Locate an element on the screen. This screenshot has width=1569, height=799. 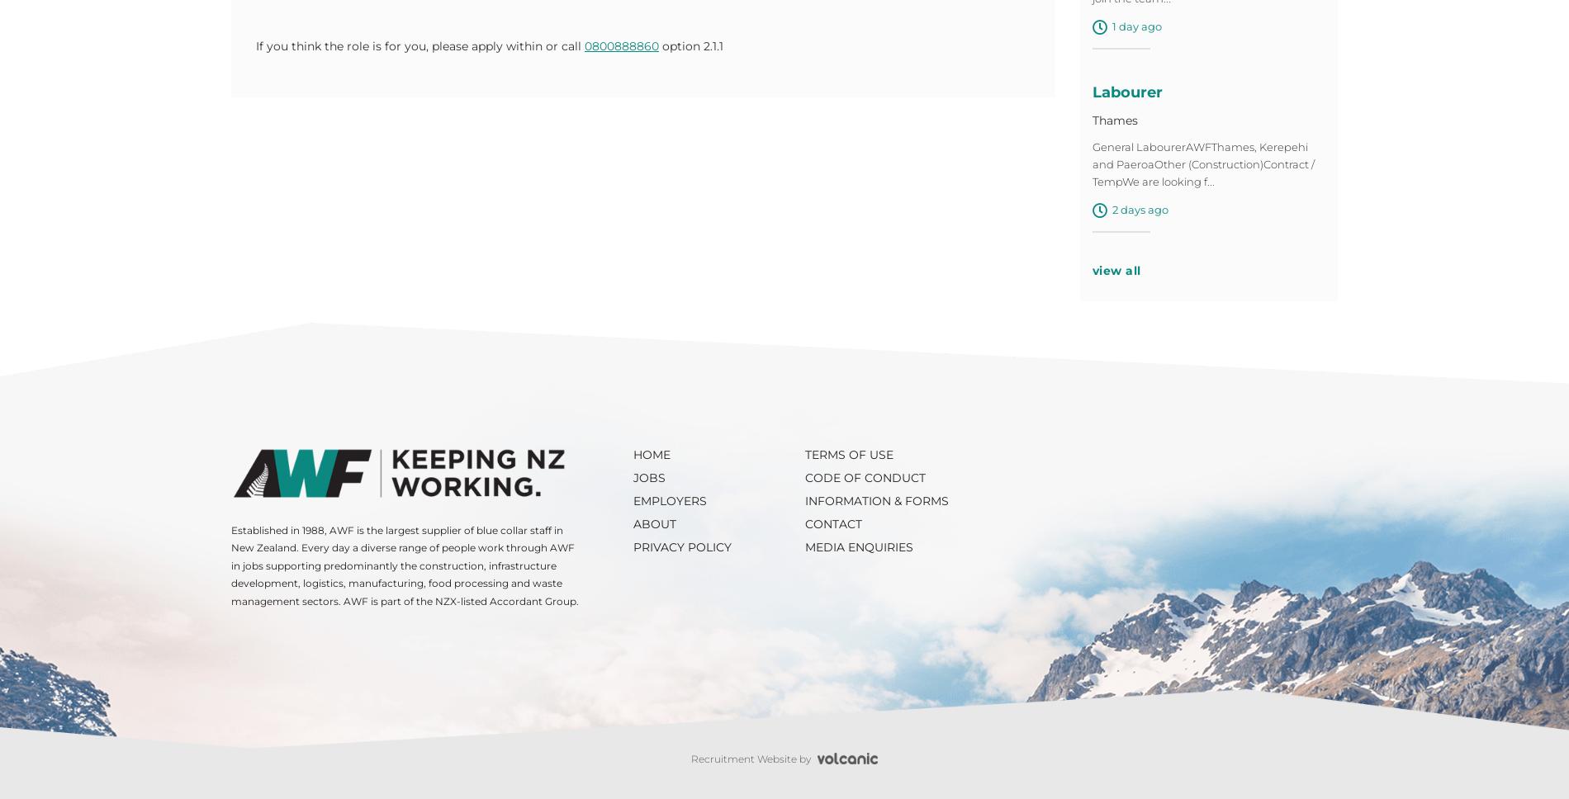
'Labourer' is located at coordinates (1126, 97).